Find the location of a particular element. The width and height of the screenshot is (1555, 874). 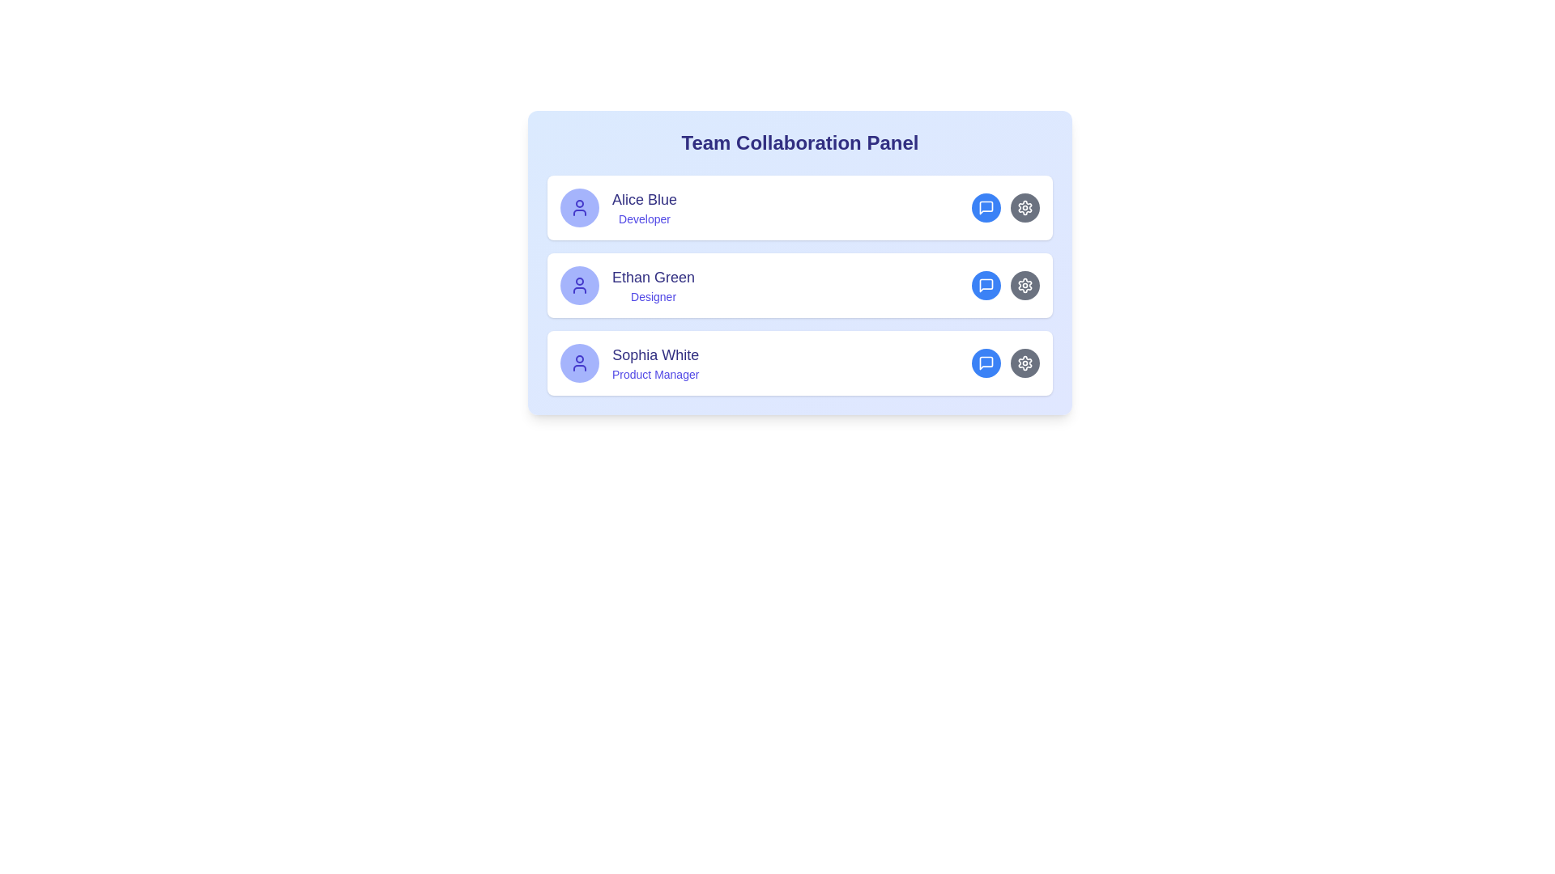

the static text label displaying 'Developer', which is styled in a smaller indigo font and located directly below 'Alice Blue' in the 'Team Collaboration Panel' is located at coordinates (644, 218).